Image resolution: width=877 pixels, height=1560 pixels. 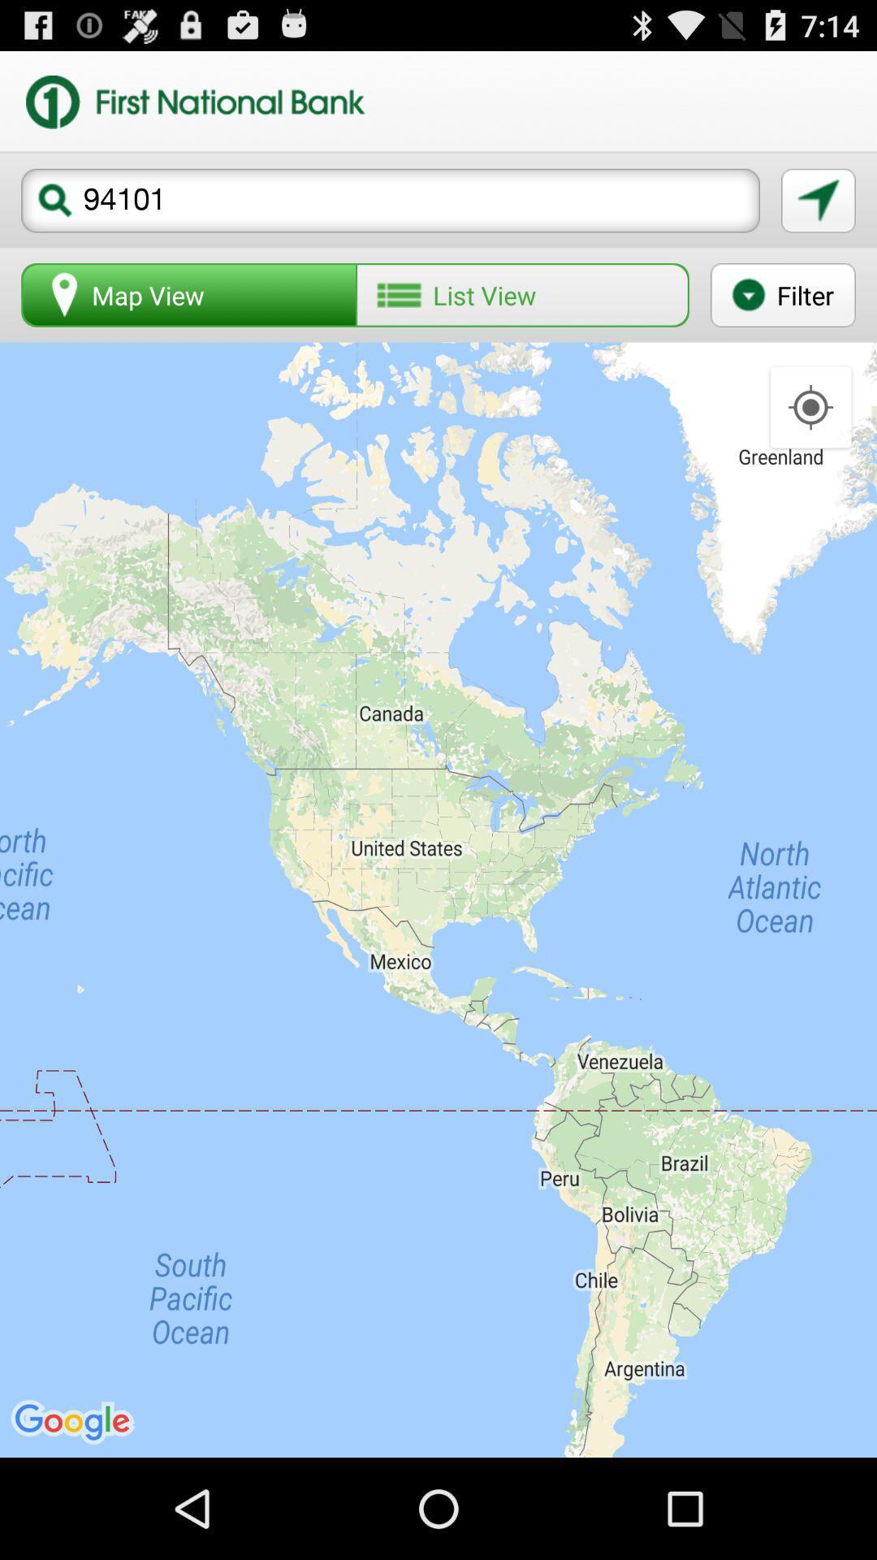 What do you see at coordinates (818, 200) in the screenshot?
I see `get directions` at bounding box center [818, 200].